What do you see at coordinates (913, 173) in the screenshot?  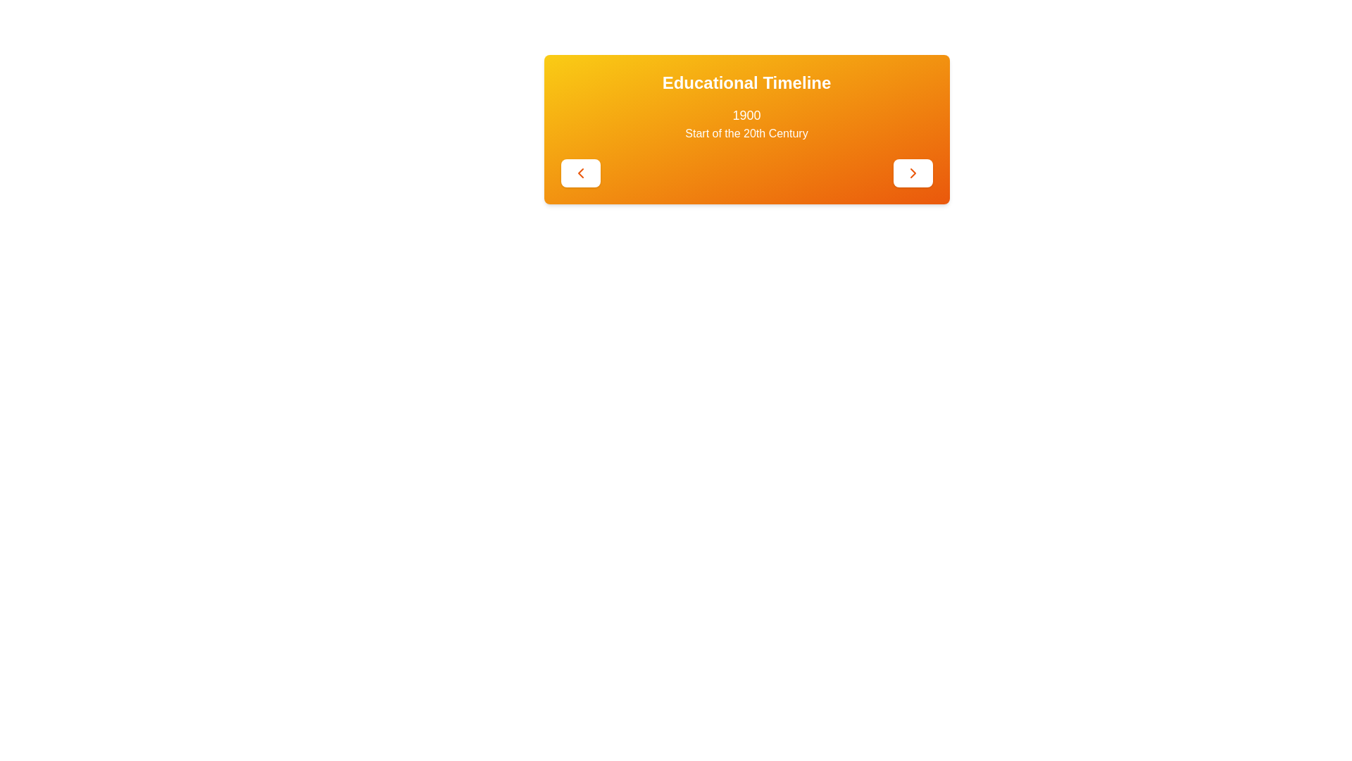 I see `the button with a white background, orange text and border, featuring a rightward chevron icon, located on the far right of the 'Educational Timeline' section` at bounding box center [913, 173].